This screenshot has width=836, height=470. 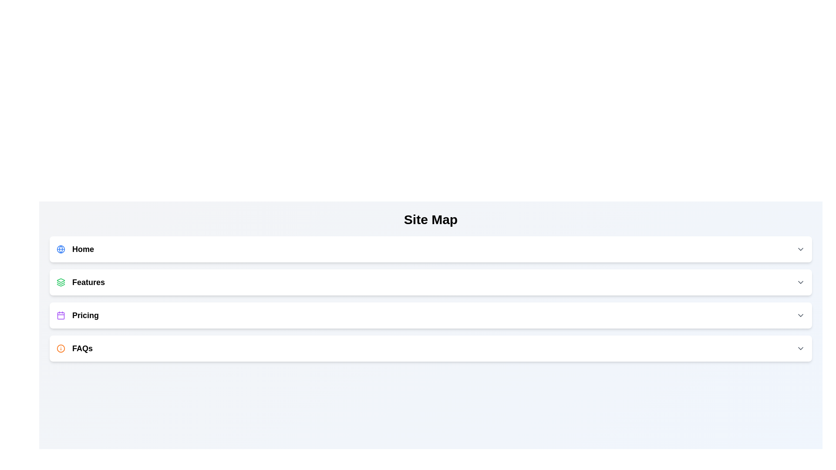 What do you see at coordinates (60, 249) in the screenshot?
I see `the blue circular decorative vector graphic element that is centrally located within the globe-styled icon, which is to the left of the 'Home' text in the navigation menu` at bounding box center [60, 249].